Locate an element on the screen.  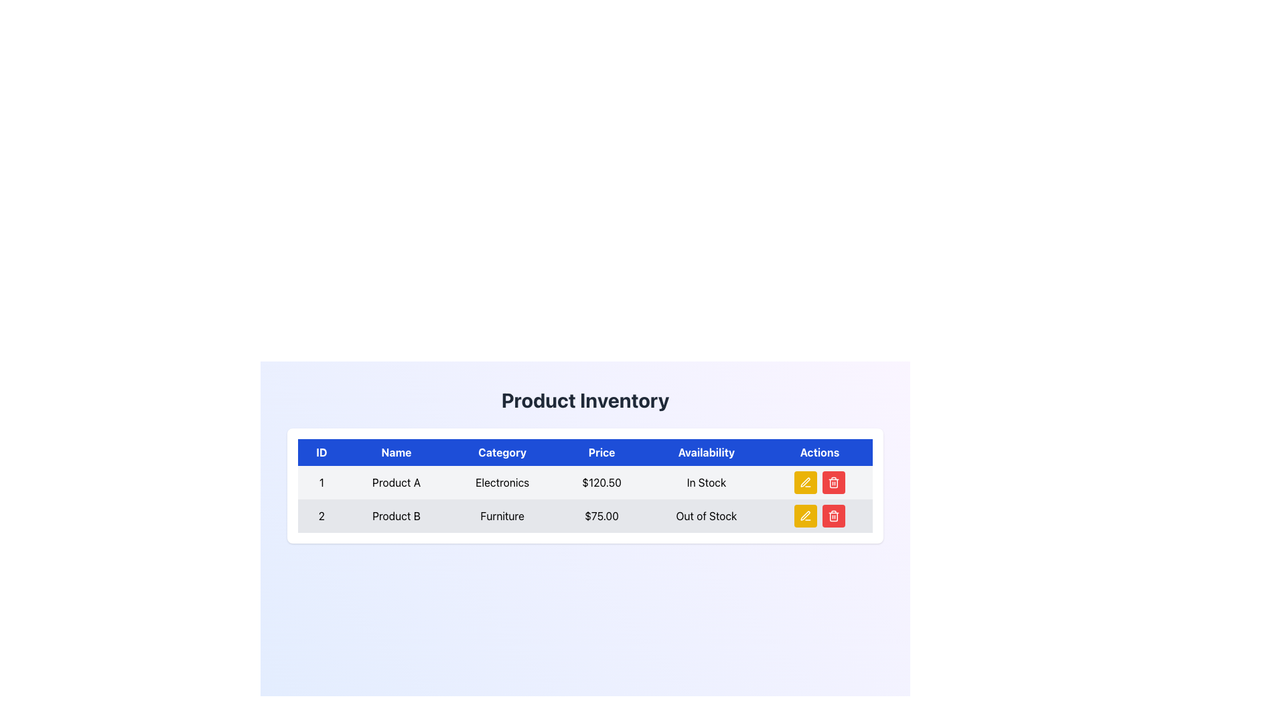
the delete button located in the 'Actions' column of the second row of the table is located at coordinates (833, 483).